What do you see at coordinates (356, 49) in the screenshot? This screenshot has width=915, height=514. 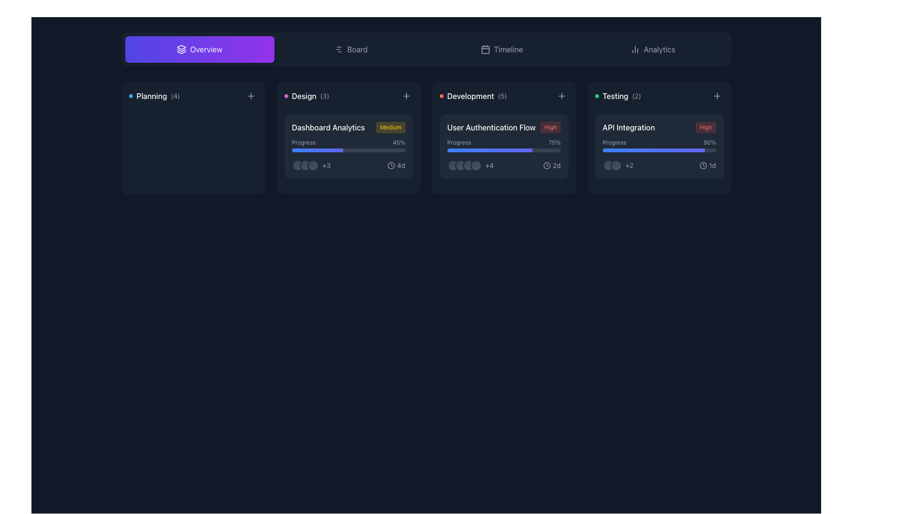 I see `the 'Board' text label in the navigation bar at the top of the interface` at bounding box center [356, 49].